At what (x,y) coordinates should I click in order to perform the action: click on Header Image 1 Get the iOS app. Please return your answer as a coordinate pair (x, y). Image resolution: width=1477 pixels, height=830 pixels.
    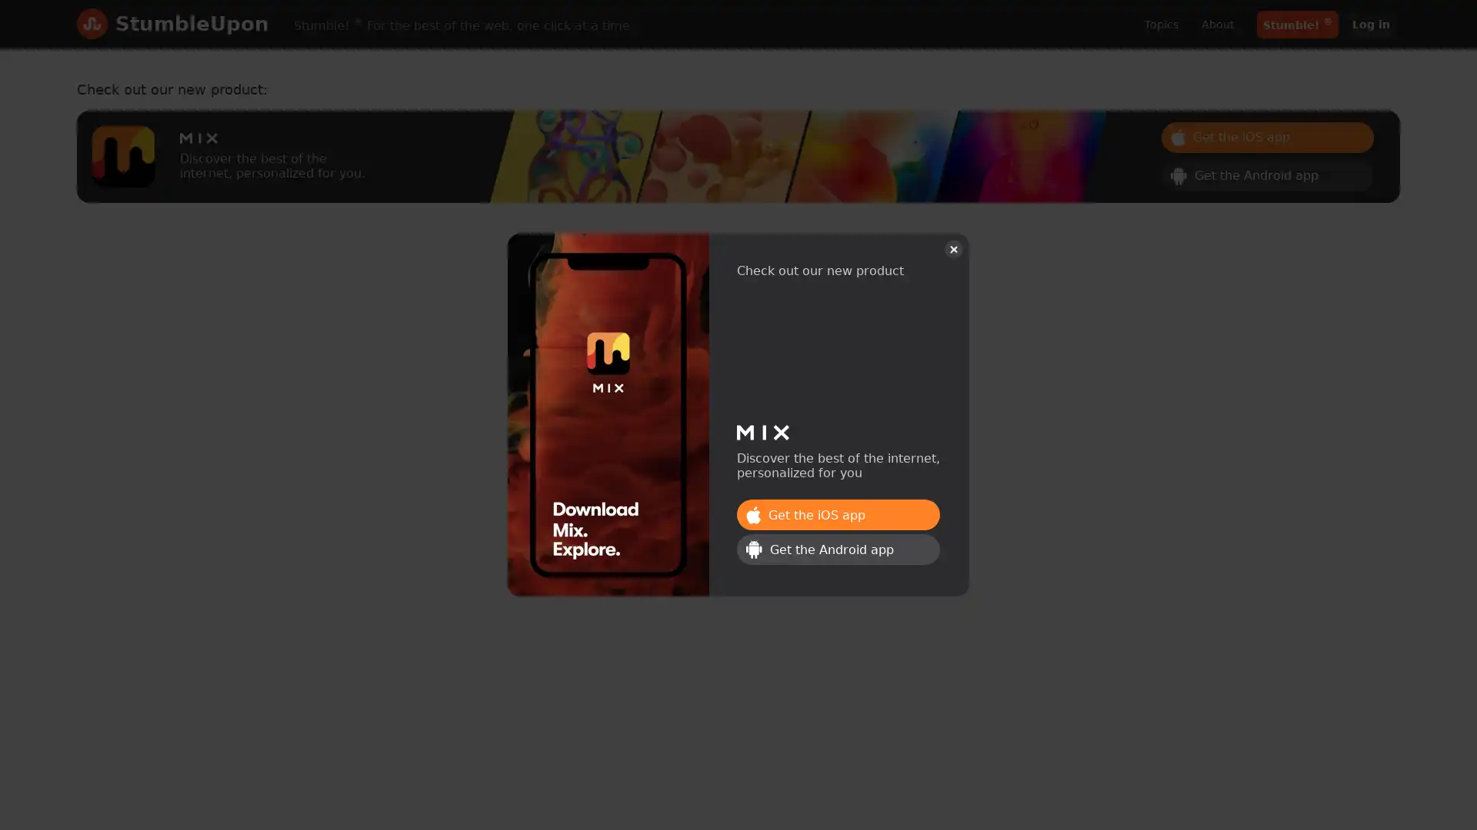
    Looking at the image, I should click on (837, 515).